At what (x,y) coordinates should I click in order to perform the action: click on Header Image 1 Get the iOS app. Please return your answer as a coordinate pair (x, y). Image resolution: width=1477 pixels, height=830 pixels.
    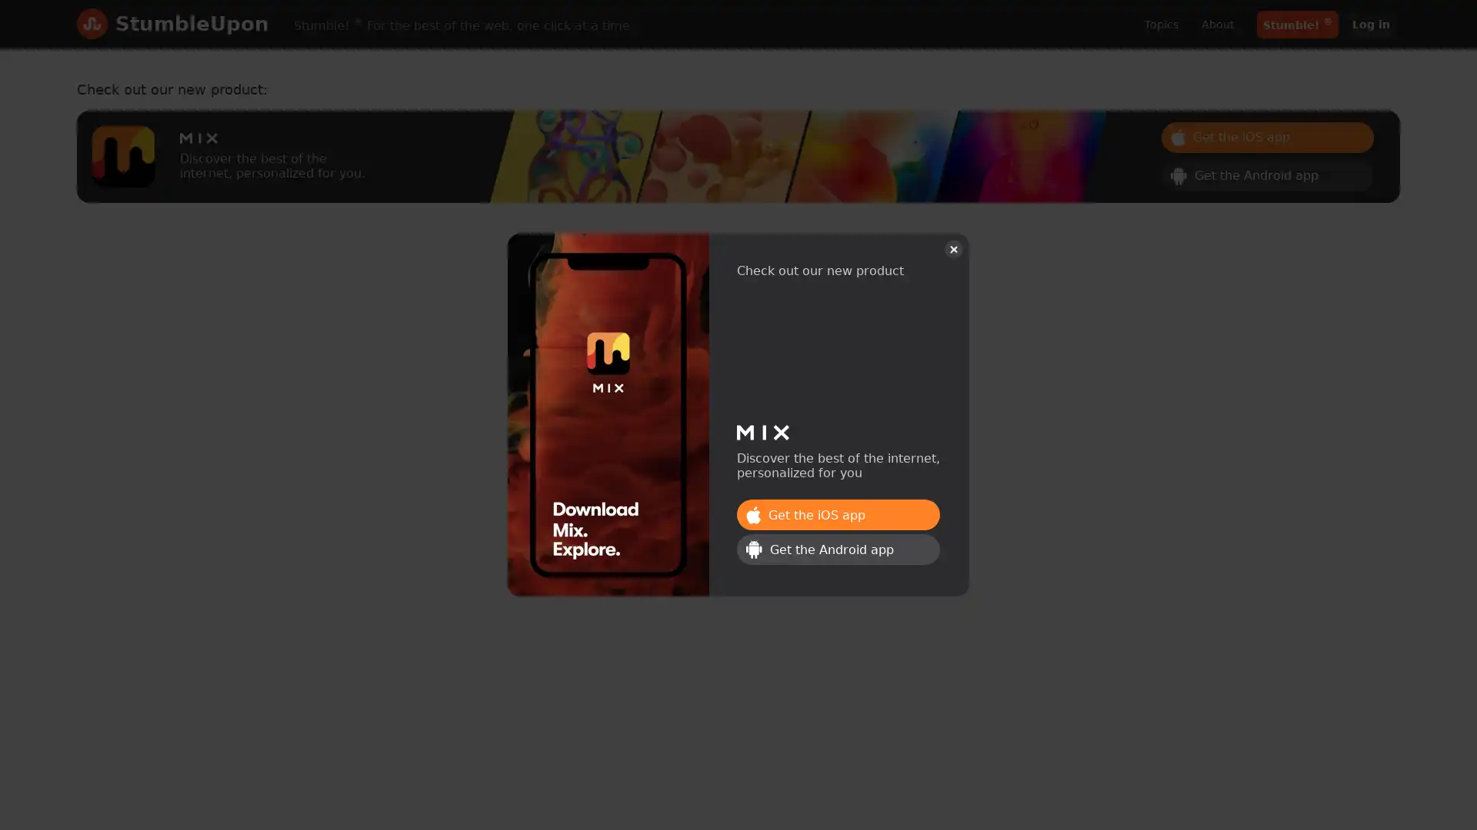
    Looking at the image, I should click on (837, 515).